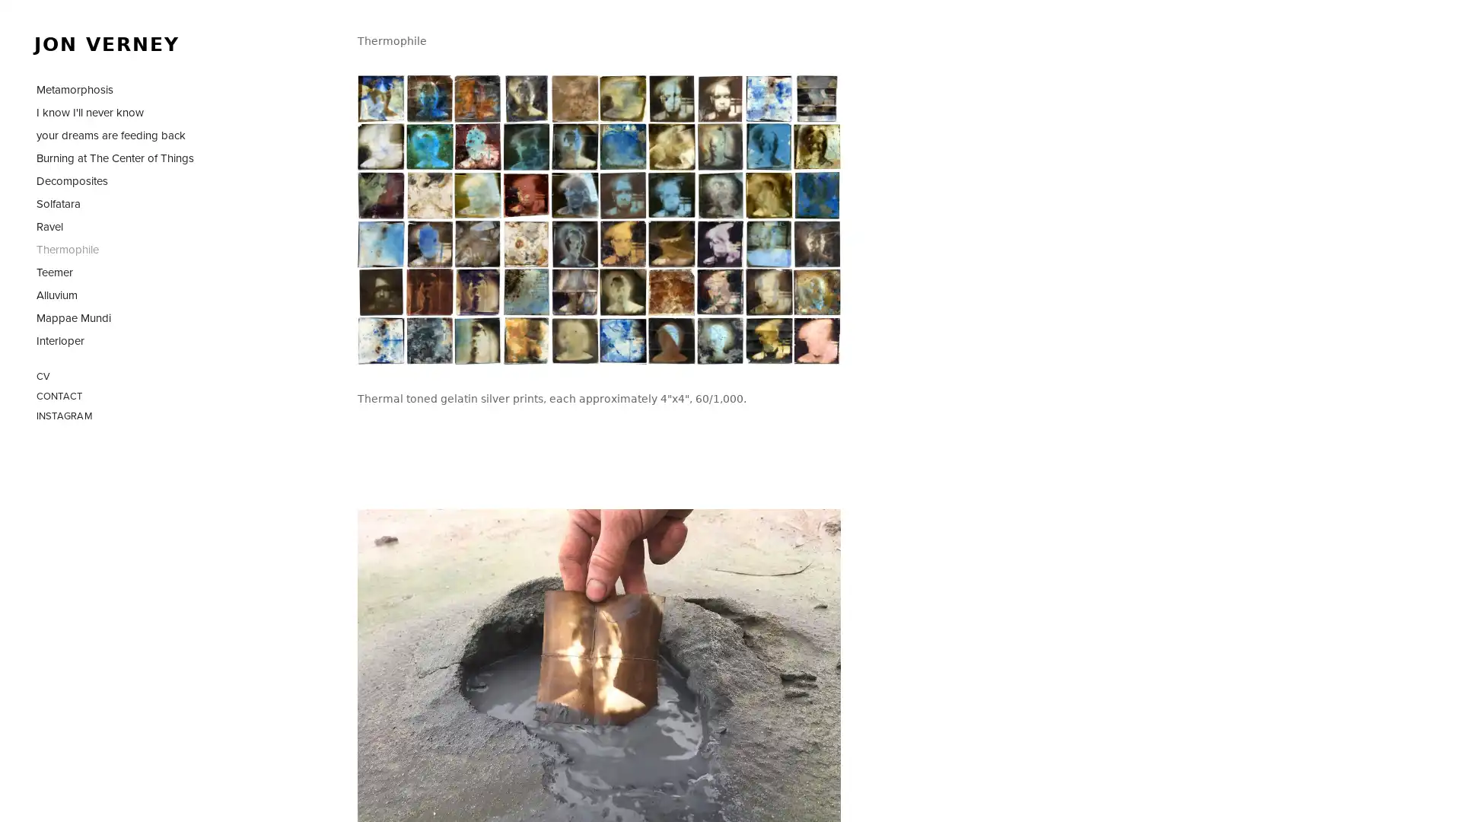 This screenshot has height=822, width=1461. What do you see at coordinates (380, 339) in the screenshot?
I see `View fullsize jon_verney_thermophile_45.jpg` at bounding box center [380, 339].